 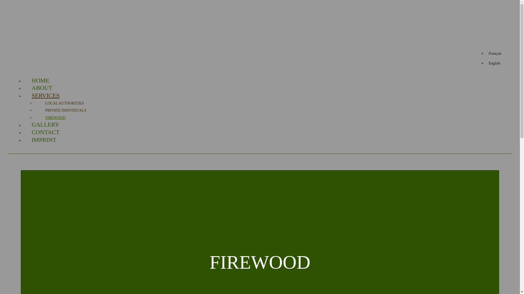 I want to click on 'CONTACT', so click(x=46, y=132).